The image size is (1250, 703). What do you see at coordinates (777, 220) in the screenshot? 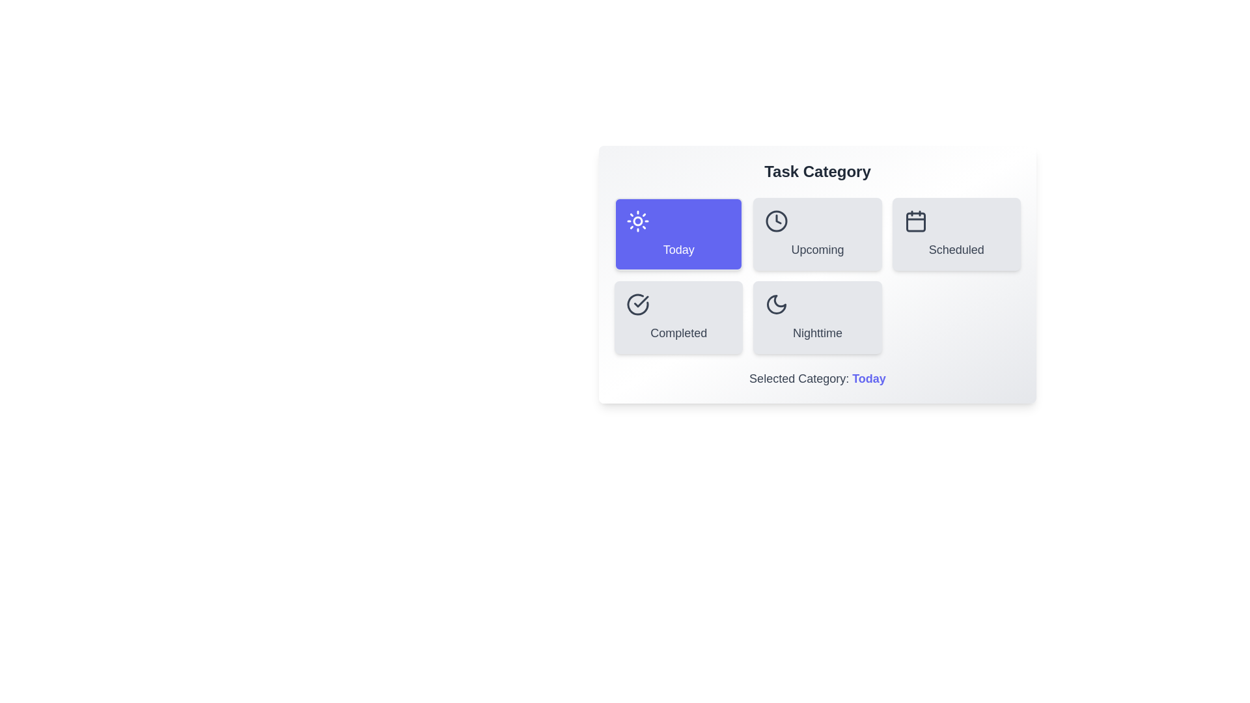
I see `the icon of the Upcoming category button` at bounding box center [777, 220].